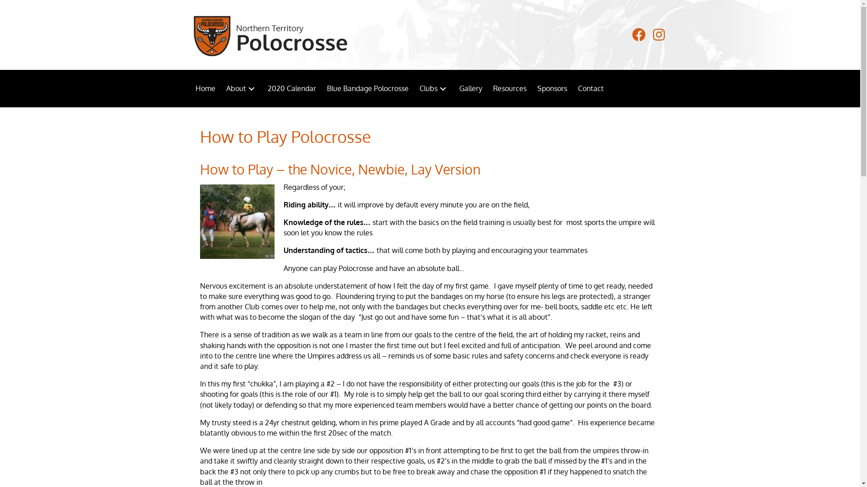 The image size is (867, 487). What do you see at coordinates (573, 88) in the screenshot?
I see `'Contact'` at bounding box center [573, 88].